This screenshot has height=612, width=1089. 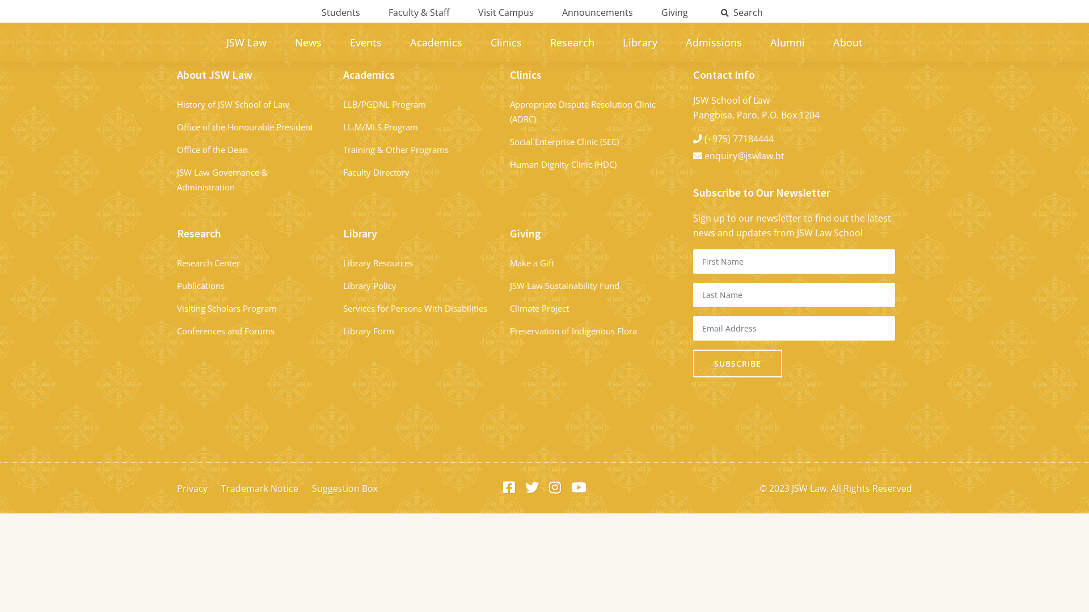 What do you see at coordinates (344, 487) in the screenshot?
I see `'Suggestion Box'` at bounding box center [344, 487].